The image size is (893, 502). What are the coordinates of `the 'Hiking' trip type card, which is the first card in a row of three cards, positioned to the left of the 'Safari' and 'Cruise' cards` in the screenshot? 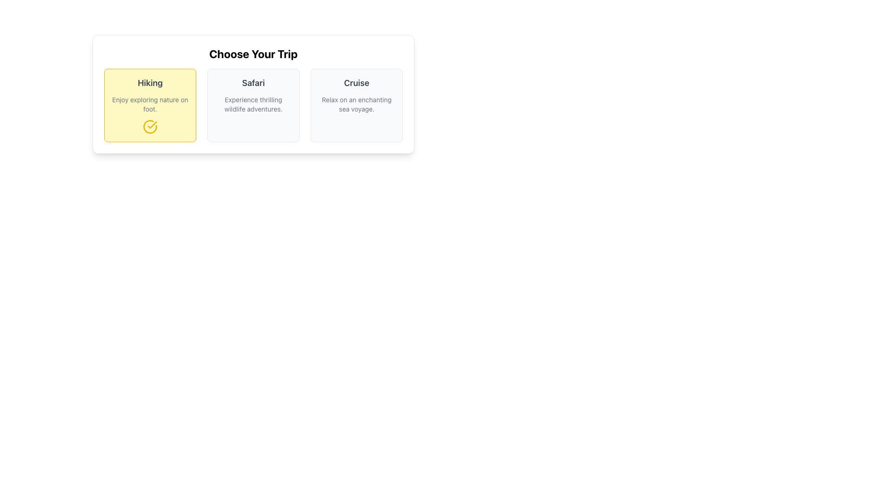 It's located at (150, 105).